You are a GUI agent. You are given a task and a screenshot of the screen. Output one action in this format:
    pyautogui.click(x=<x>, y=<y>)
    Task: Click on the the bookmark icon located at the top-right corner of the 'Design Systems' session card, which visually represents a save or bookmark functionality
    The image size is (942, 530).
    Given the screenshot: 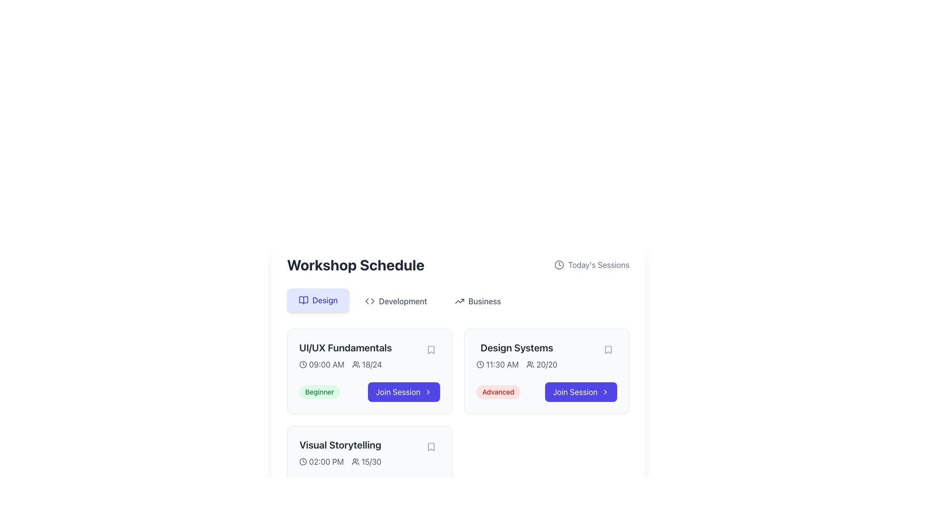 What is the action you would take?
    pyautogui.click(x=607, y=349)
    